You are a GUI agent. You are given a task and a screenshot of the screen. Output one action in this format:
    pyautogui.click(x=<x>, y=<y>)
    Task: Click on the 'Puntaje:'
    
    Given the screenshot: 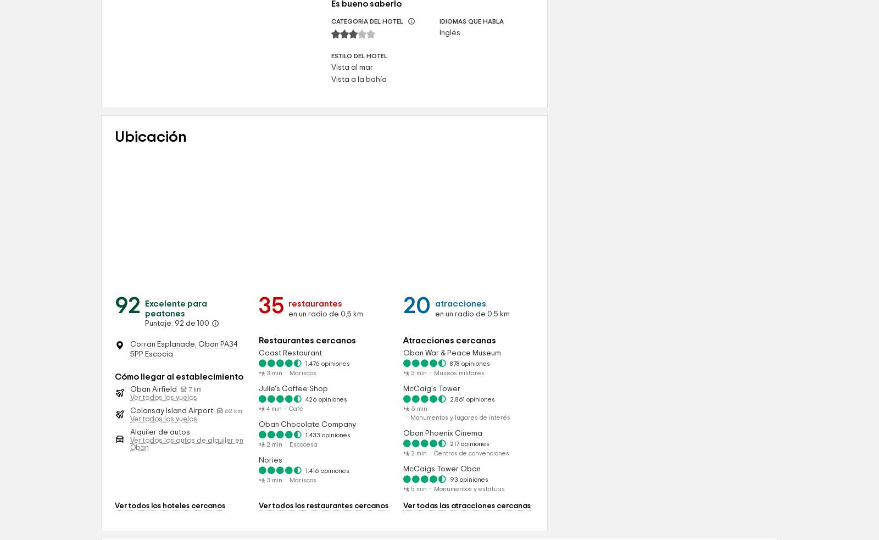 What is the action you would take?
    pyautogui.click(x=160, y=417)
    